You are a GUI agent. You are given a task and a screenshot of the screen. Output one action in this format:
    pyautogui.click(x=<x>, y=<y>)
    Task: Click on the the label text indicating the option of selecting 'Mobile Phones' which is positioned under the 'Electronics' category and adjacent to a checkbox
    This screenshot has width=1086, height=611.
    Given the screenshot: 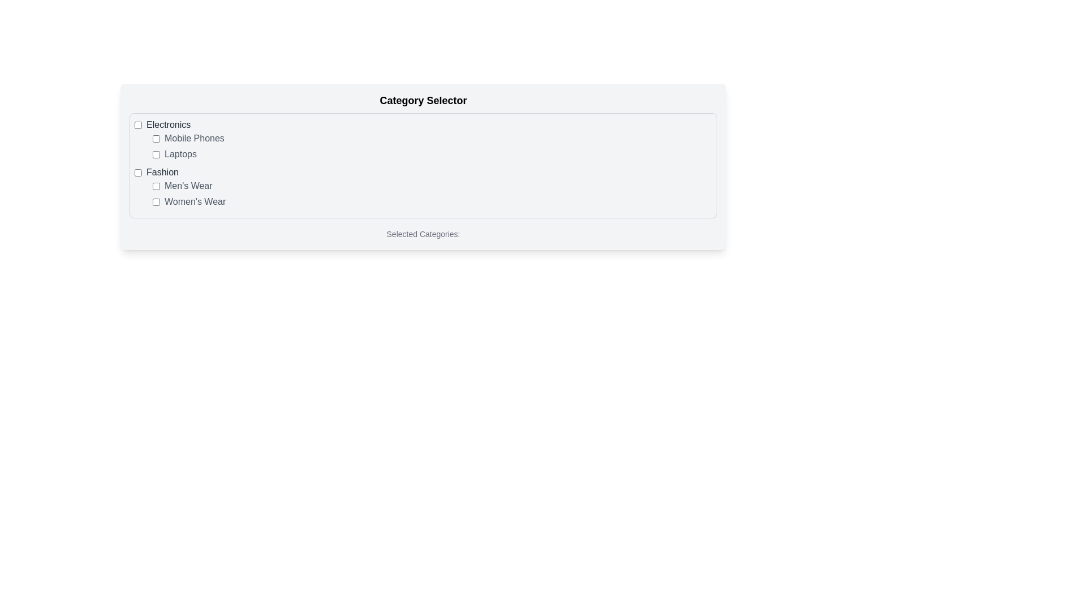 What is the action you would take?
    pyautogui.click(x=194, y=138)
    